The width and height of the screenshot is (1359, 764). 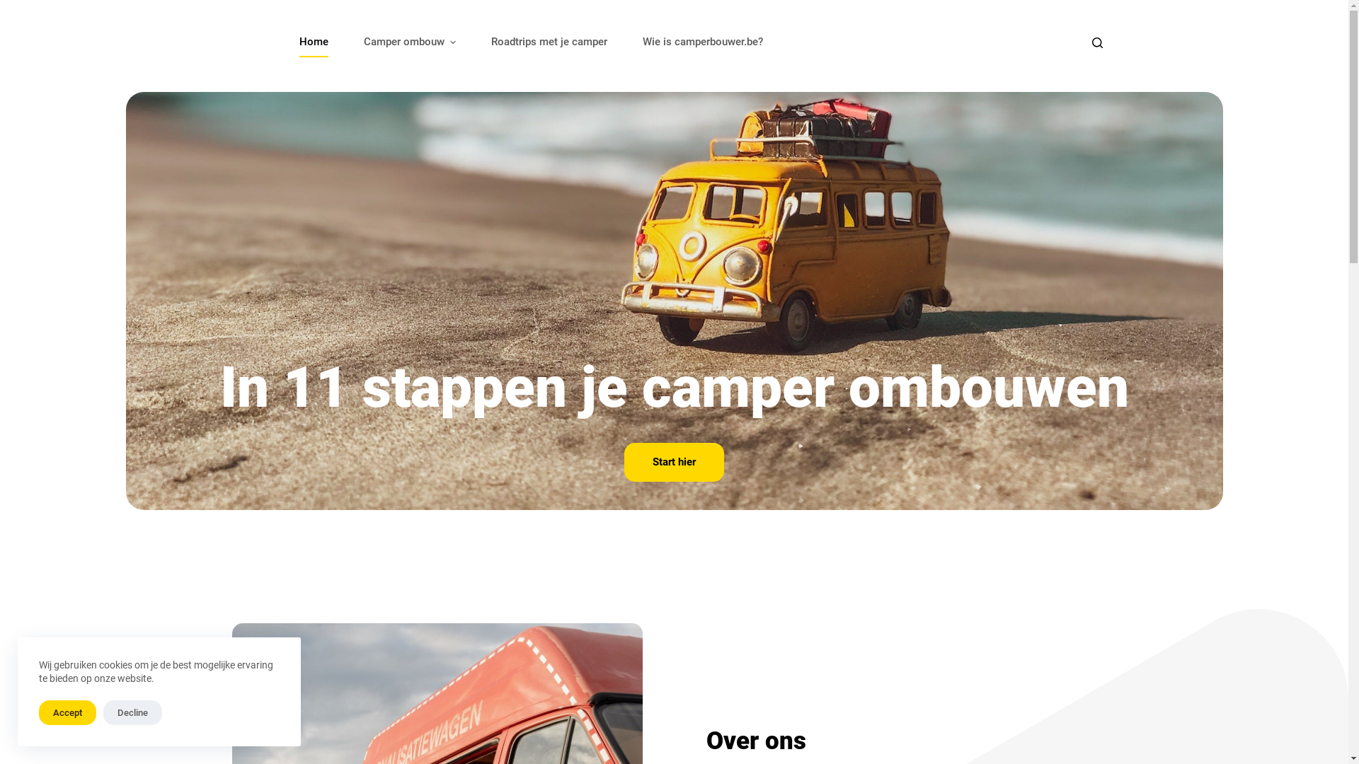 What do you see at coordinates (624, 462) in the screenshot?
I see `'Start hier'` at bounding box center [624, 462].